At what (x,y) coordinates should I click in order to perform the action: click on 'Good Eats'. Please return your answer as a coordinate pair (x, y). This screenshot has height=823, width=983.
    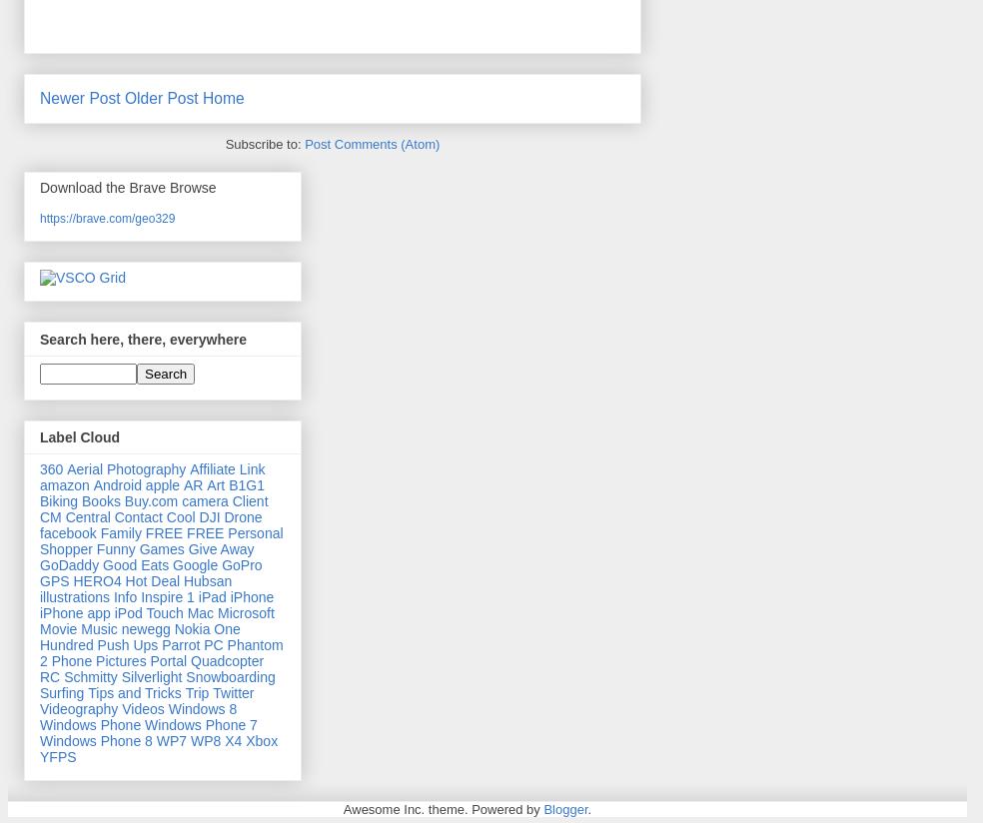
    Looking at the image, I should click on (135, 564).